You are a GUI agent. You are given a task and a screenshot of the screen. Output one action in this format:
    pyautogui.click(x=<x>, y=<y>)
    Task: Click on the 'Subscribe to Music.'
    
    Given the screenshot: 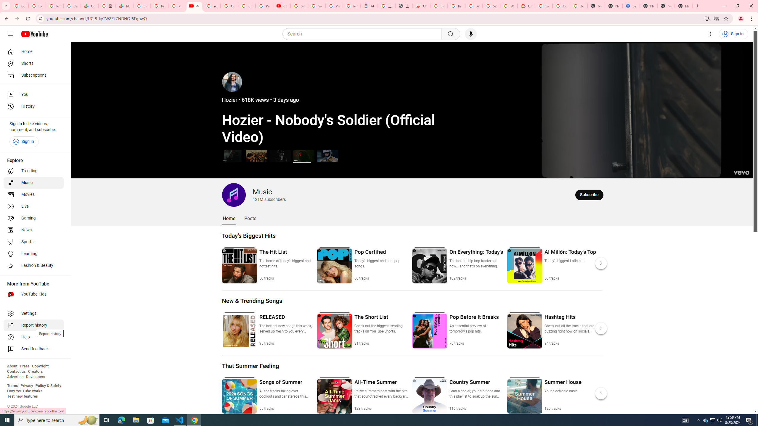 What is the action you would take?
    pyautogui.click(x=589, y=195)
    